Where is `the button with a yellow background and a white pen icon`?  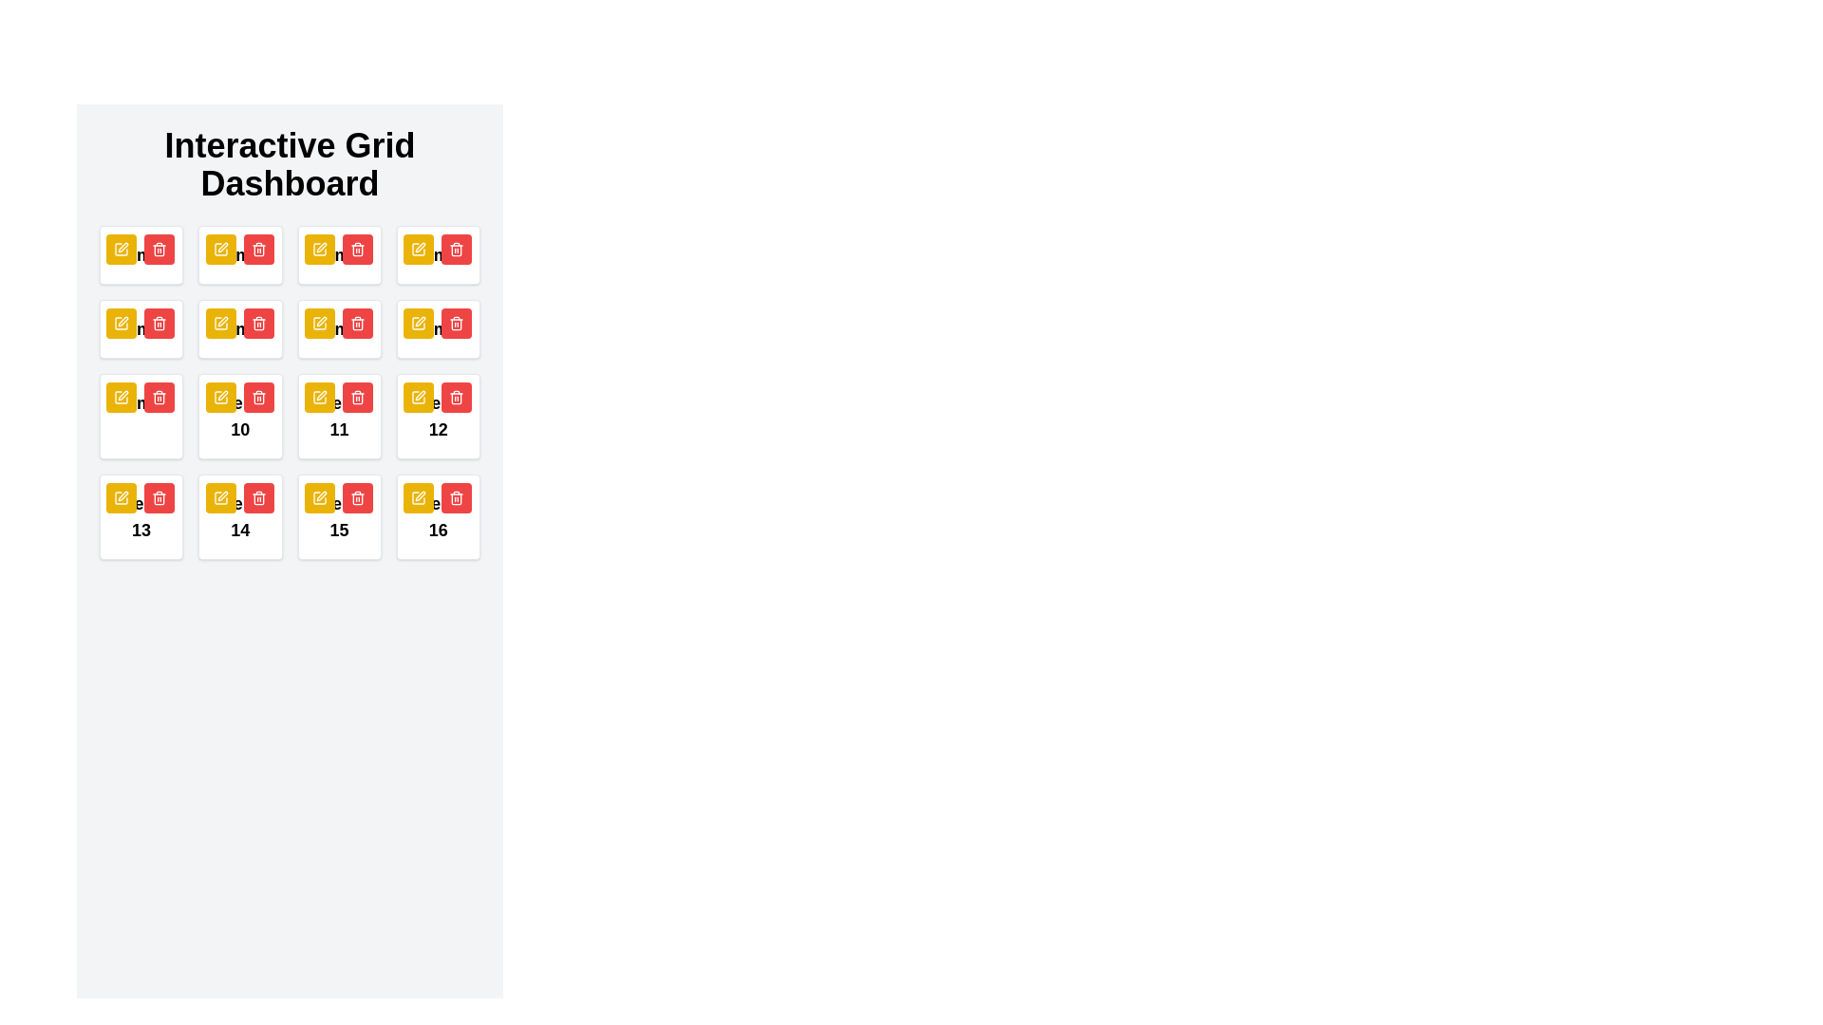
the button with a yellow background and a white pen icon is located at coordinates (121, 248).